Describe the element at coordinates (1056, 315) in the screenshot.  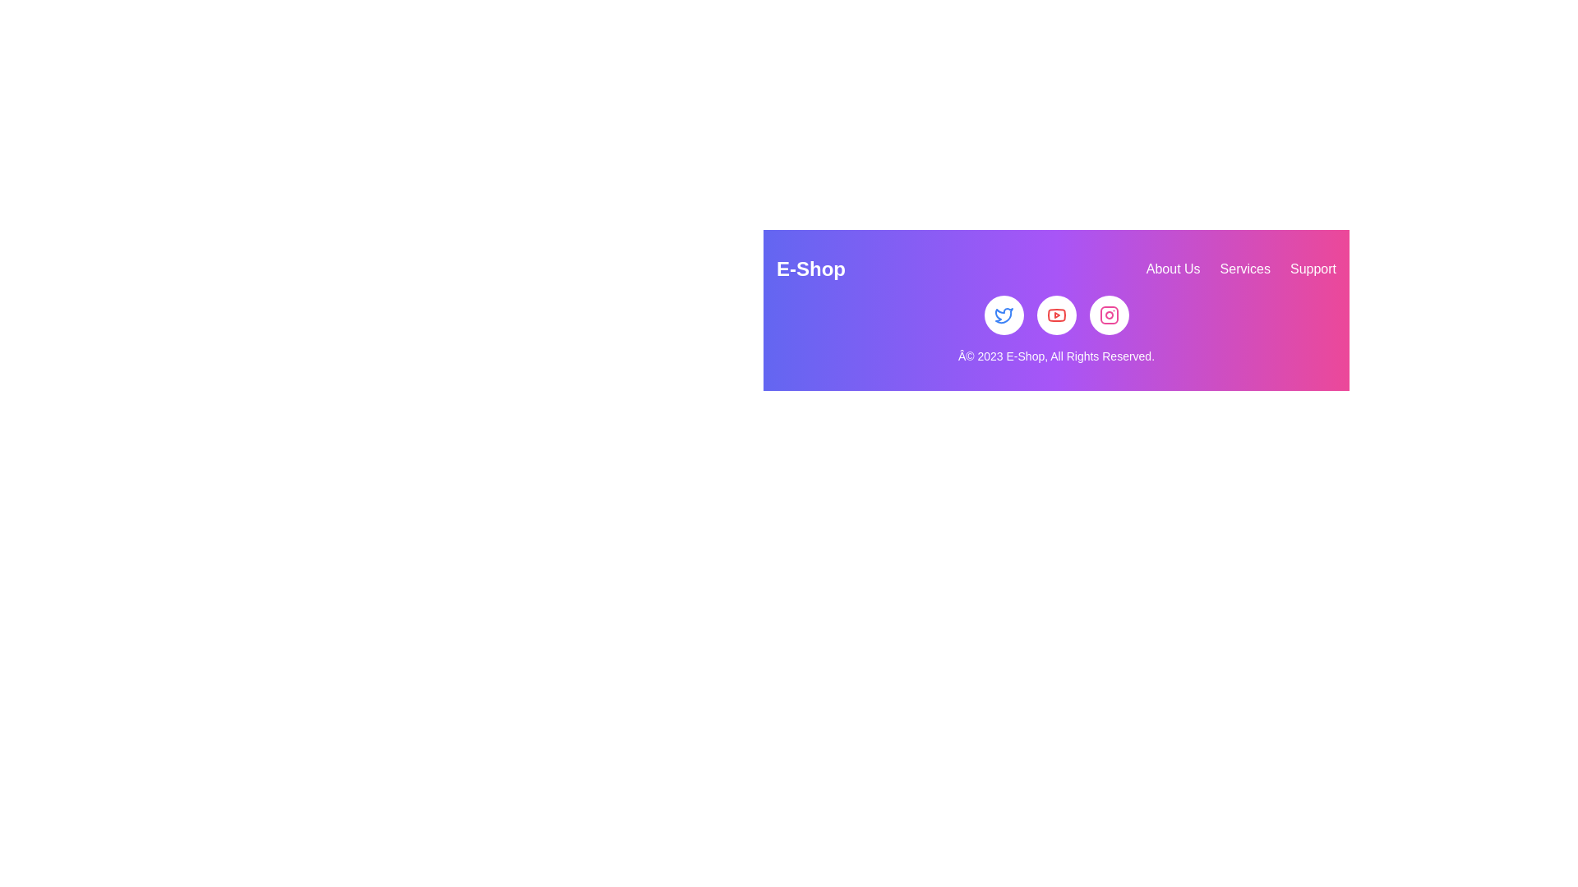
I see `the rounded white background button with a red YouTube icon and play symbol, which is the second button from the left in the social media icons group` at that location.